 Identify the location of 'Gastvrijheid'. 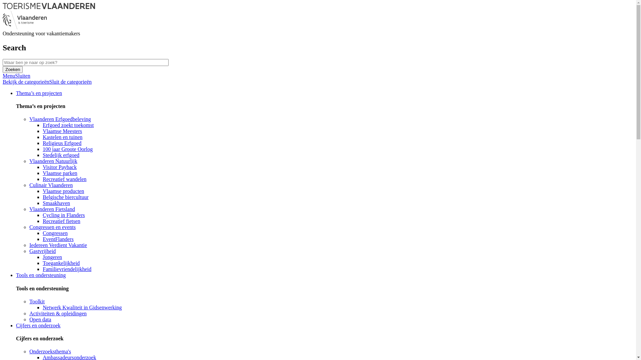
(42, 251).